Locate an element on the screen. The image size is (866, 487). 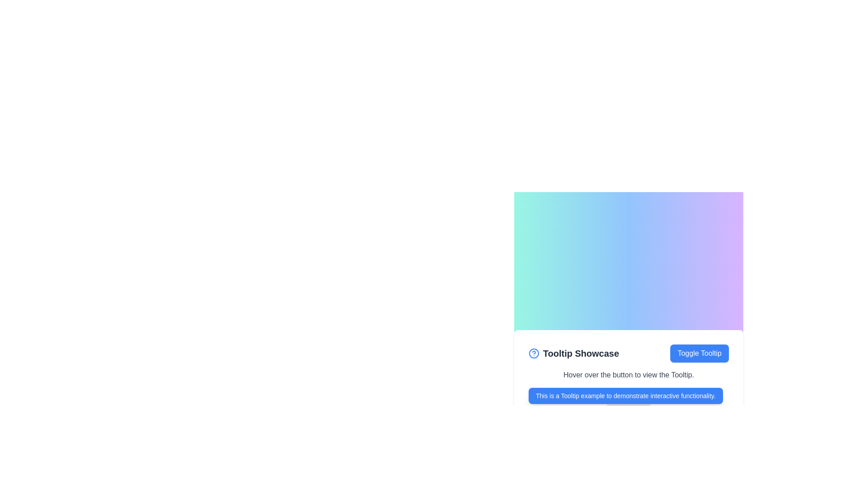
the circular help icon with a blue stroke located to the left of the 'Tooltip Showcase' text in the header section is located at coordinates (534, 353).